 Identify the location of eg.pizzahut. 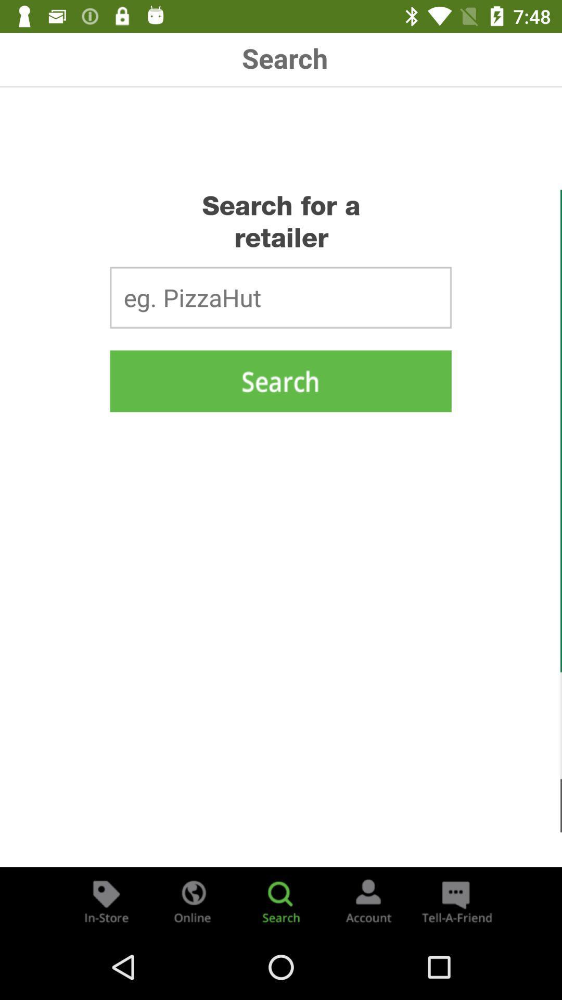
(280, 297).